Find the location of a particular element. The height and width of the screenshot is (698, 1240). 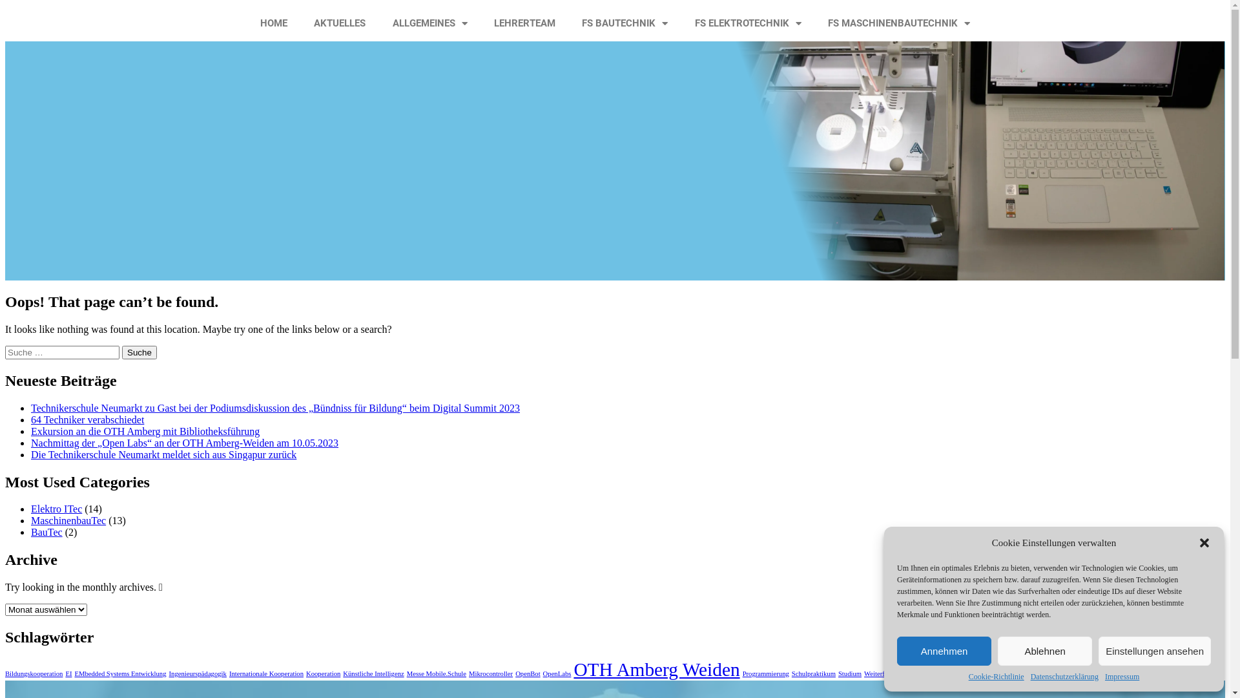

'Messe Mobile.Schule' is located at coordinates (406, 673).